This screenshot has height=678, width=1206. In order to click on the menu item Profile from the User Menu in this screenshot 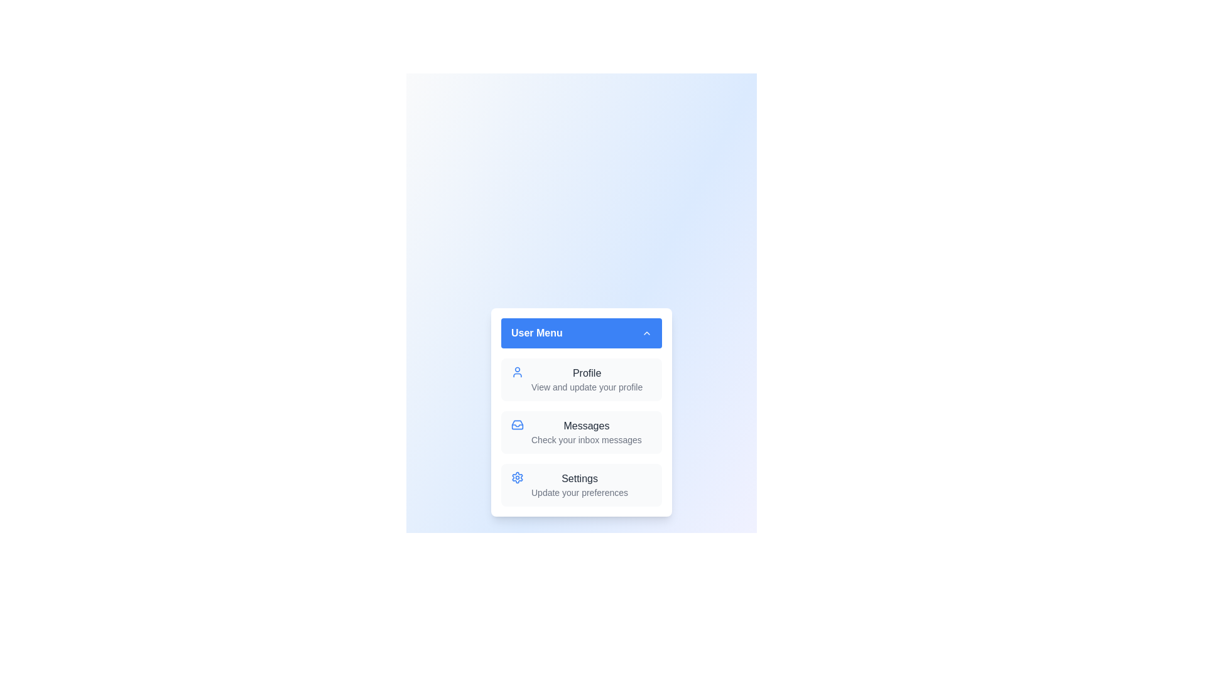, I will do `click(581, 379)`.